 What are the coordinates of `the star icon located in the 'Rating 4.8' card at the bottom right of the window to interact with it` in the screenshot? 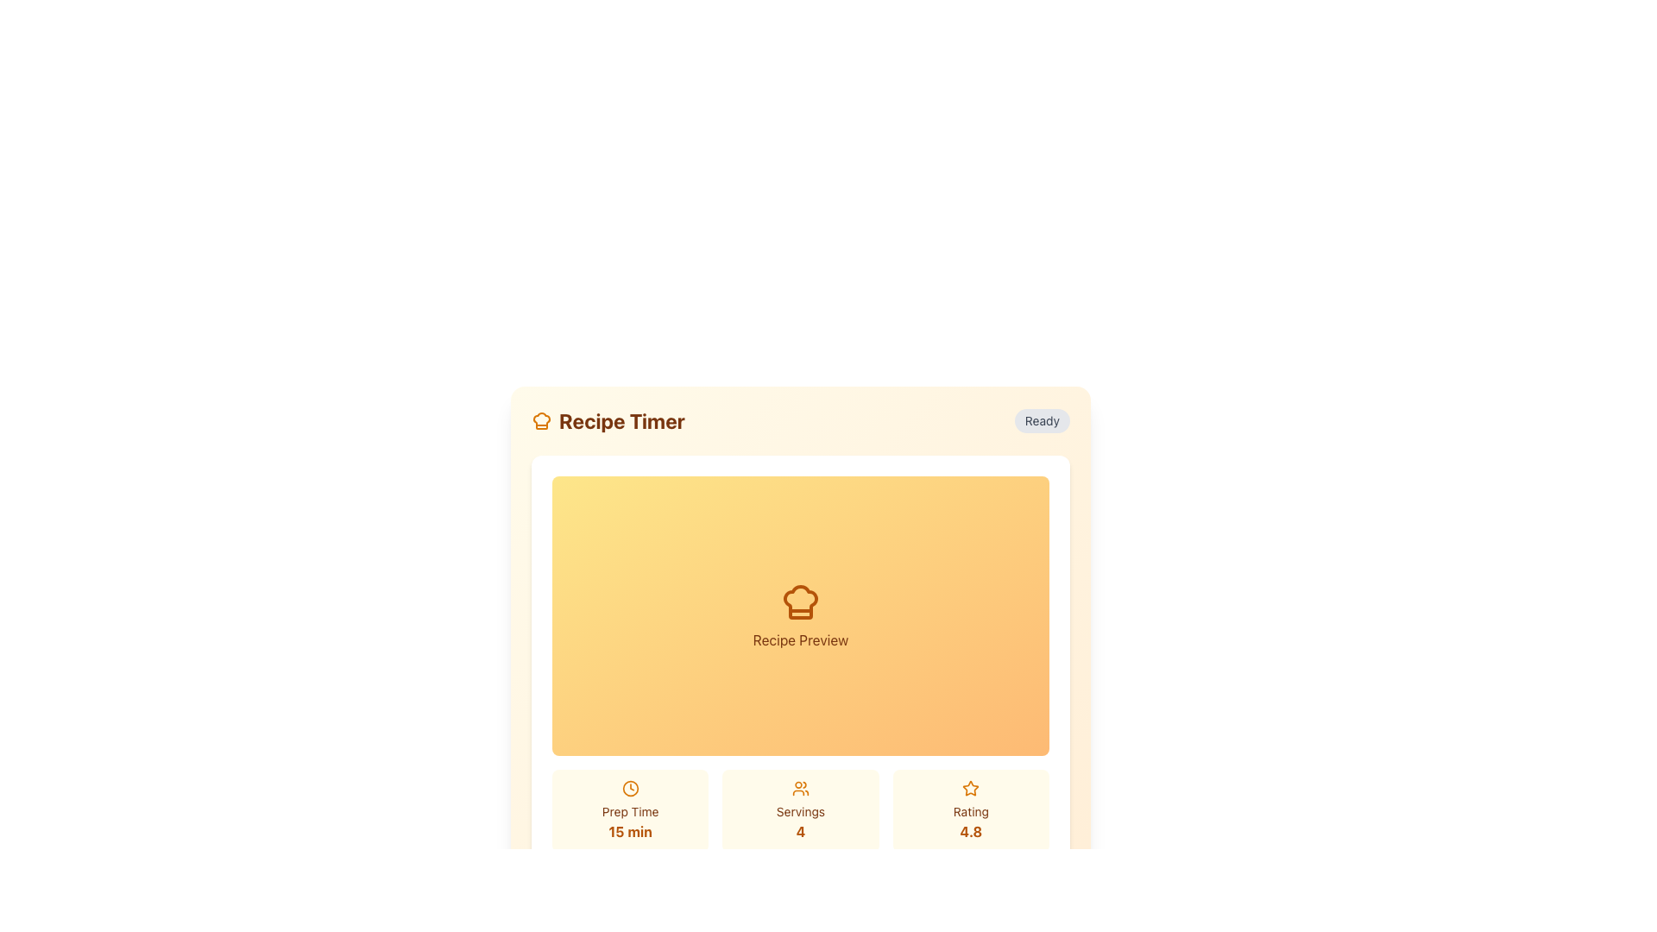 It's located at (971, 788).